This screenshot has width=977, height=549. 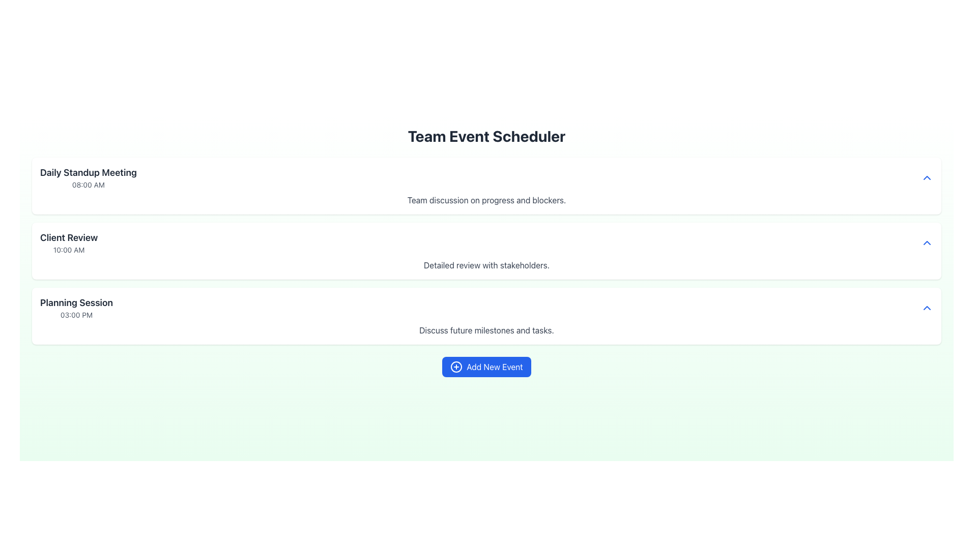 I want to click on the text label indicating the starting time of the 'Daily Standup Meeting', which is located directly below the main title on the left side of the interface, so click(x=88, y=185).